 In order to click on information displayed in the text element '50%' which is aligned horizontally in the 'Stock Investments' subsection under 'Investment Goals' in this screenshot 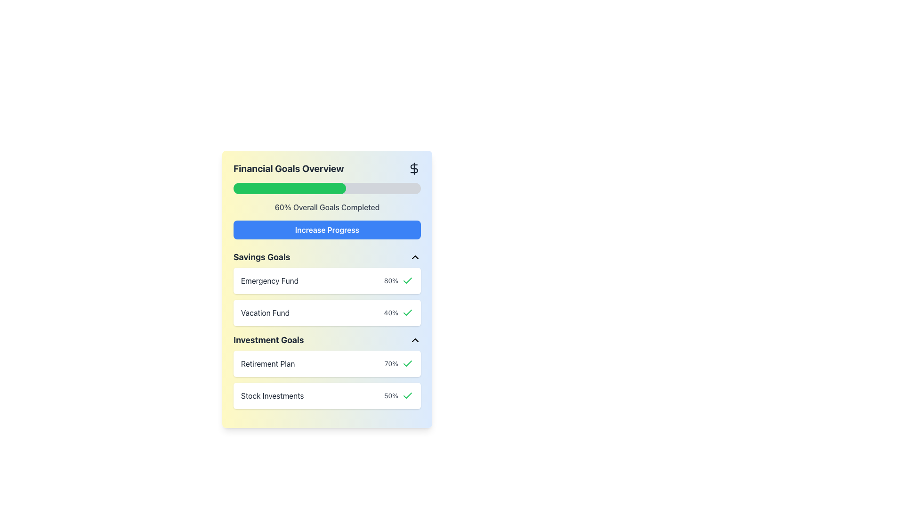, I will do `click(391, 396)`.